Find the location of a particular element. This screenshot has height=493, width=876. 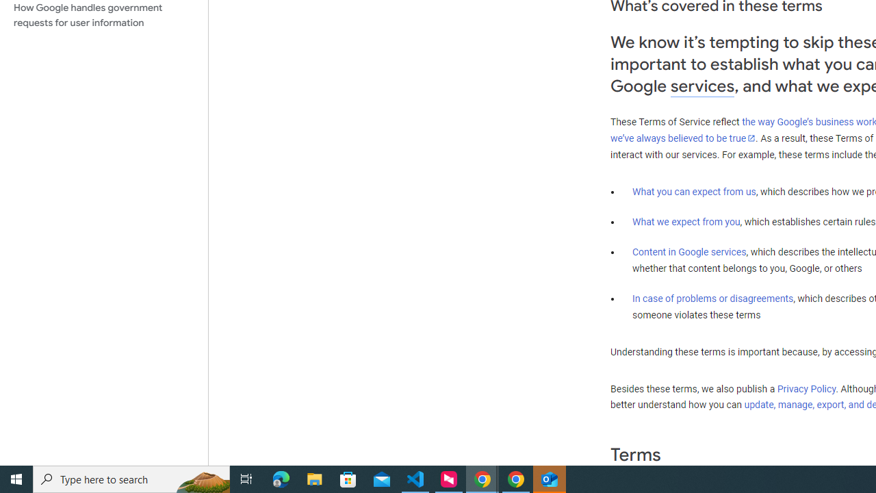

'Content in Google services' is located at coordinates (689, 252).